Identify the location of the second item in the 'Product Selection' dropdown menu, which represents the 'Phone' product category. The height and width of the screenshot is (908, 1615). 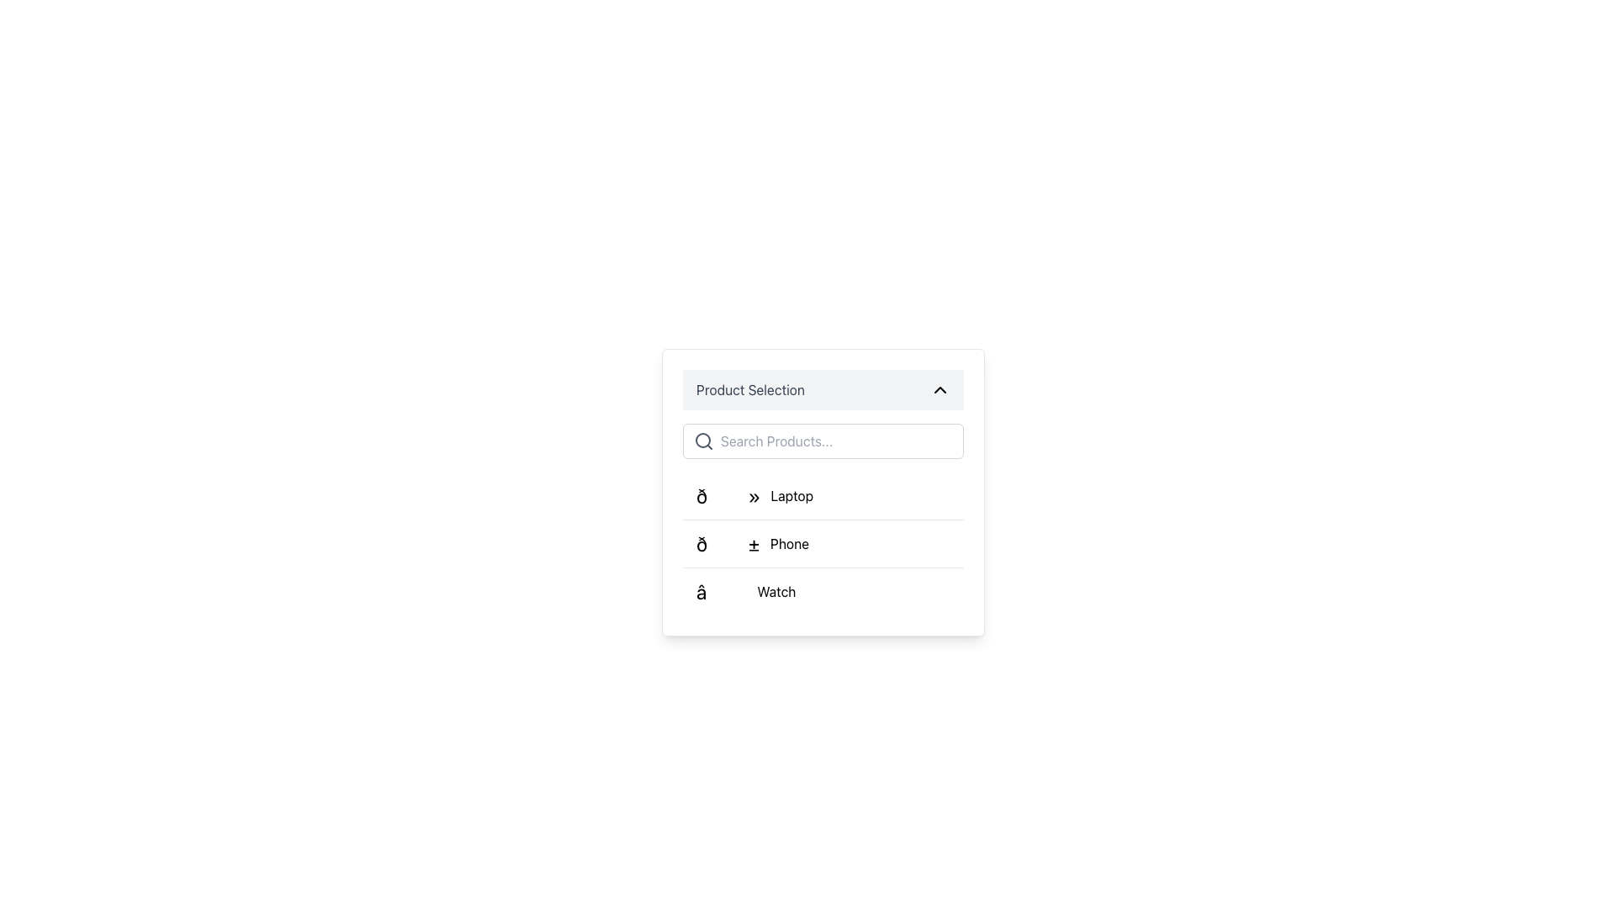
(823, 543).